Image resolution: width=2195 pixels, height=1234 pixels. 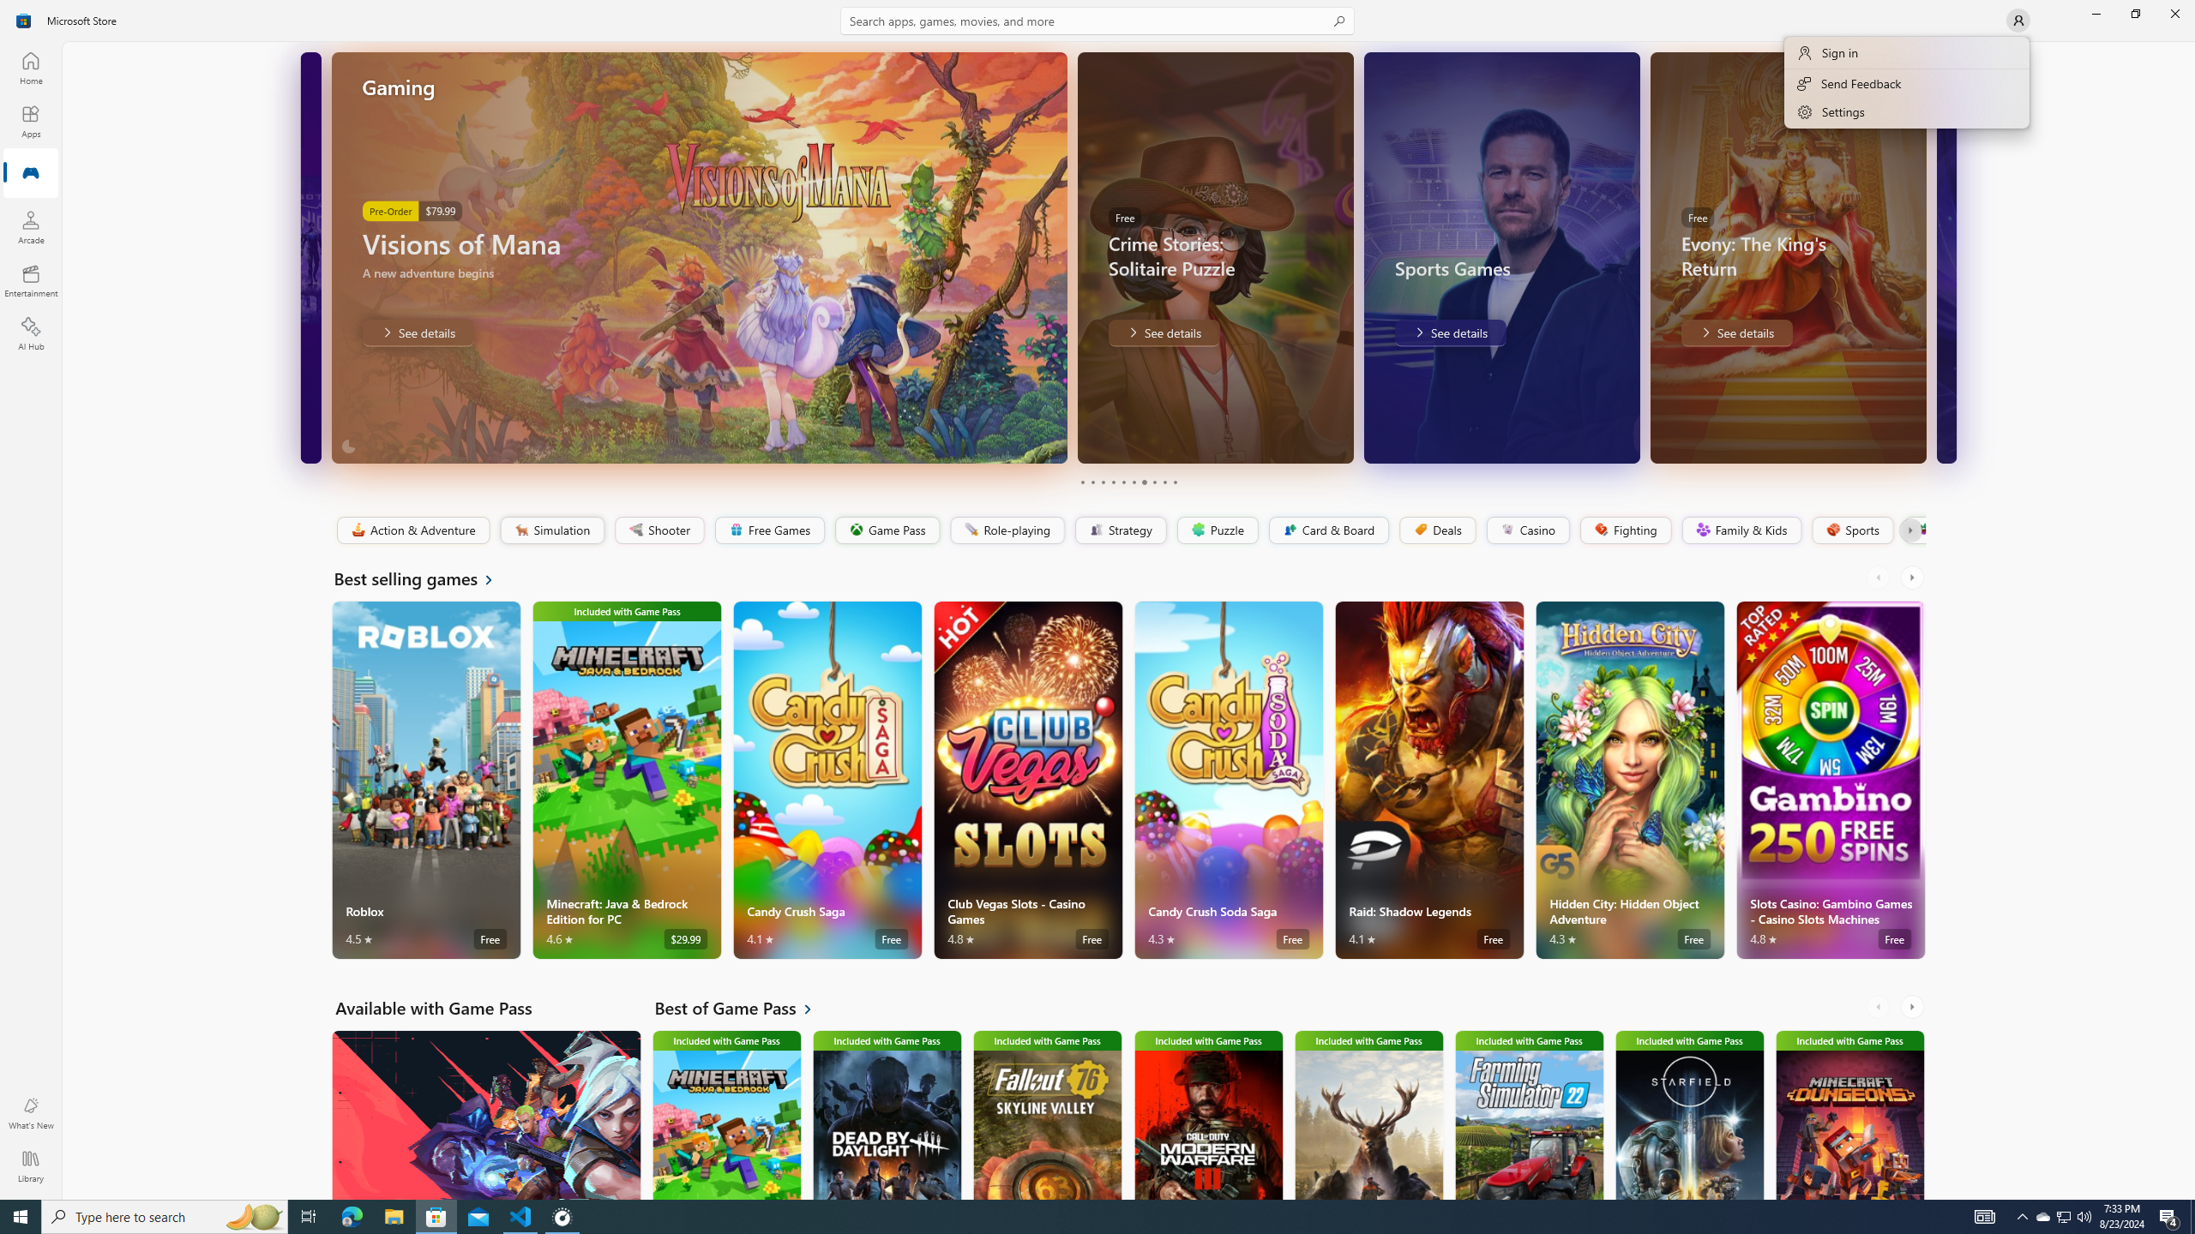 I want to click on 'See all  Best of Game Pass', so click(x=743, y=1007).